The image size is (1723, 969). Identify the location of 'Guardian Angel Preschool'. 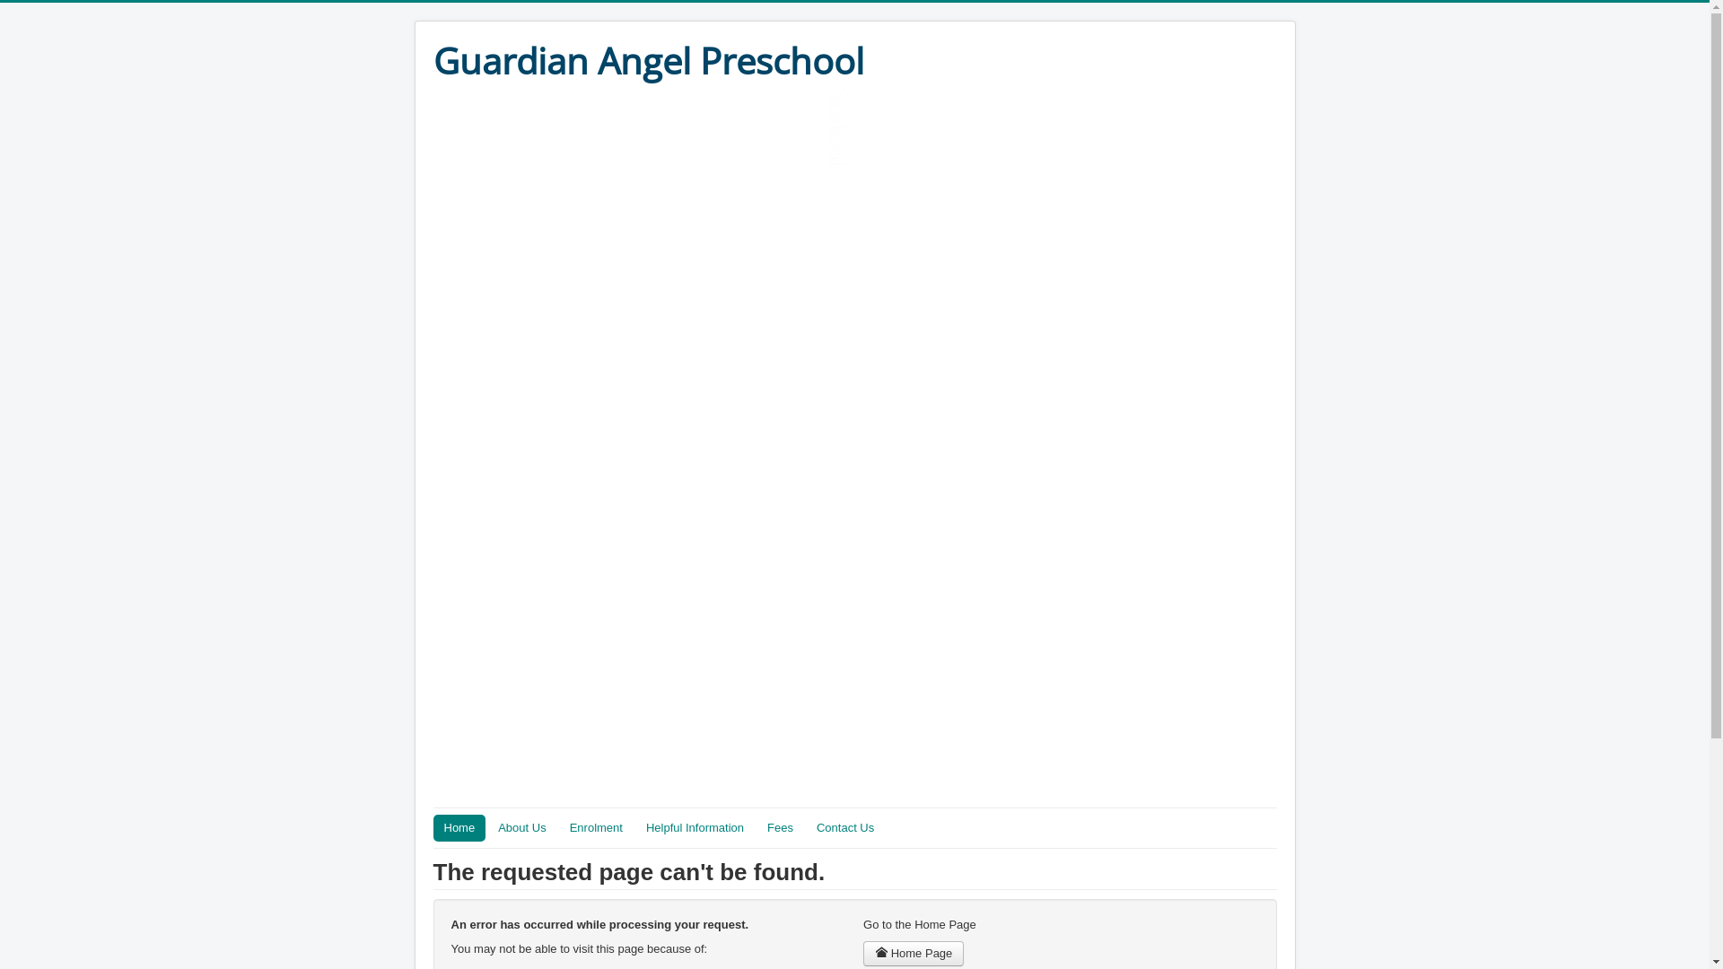
(646, 60).